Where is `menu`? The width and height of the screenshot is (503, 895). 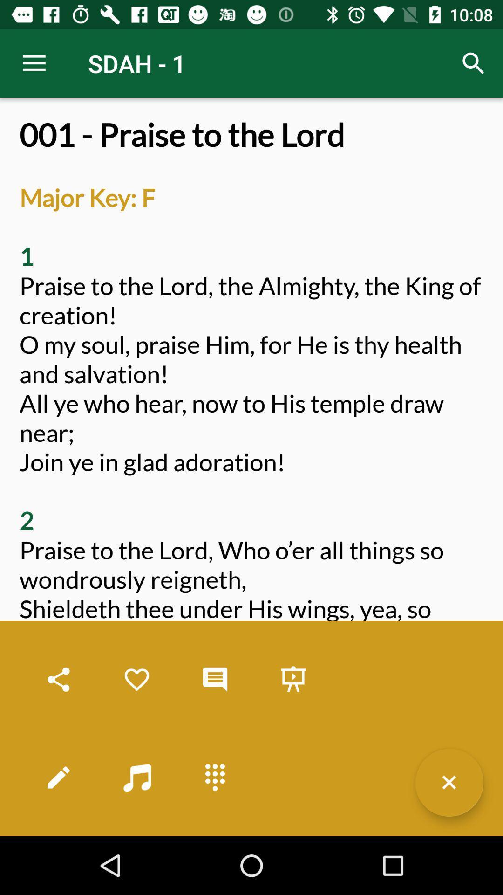 menu is located at coordinates (449, 782).